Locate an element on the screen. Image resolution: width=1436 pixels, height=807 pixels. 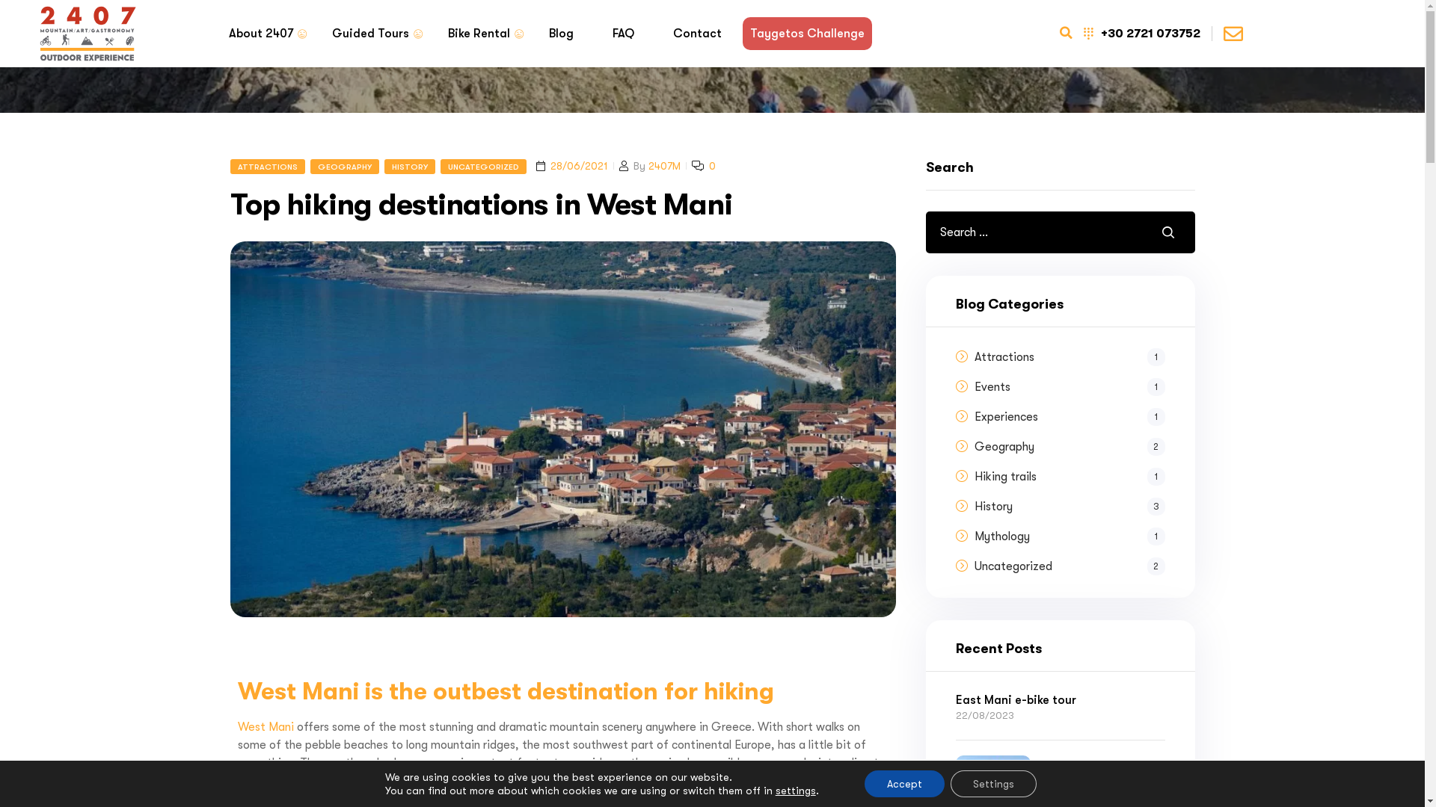
'Contact' is located at coordinates (696, 34).